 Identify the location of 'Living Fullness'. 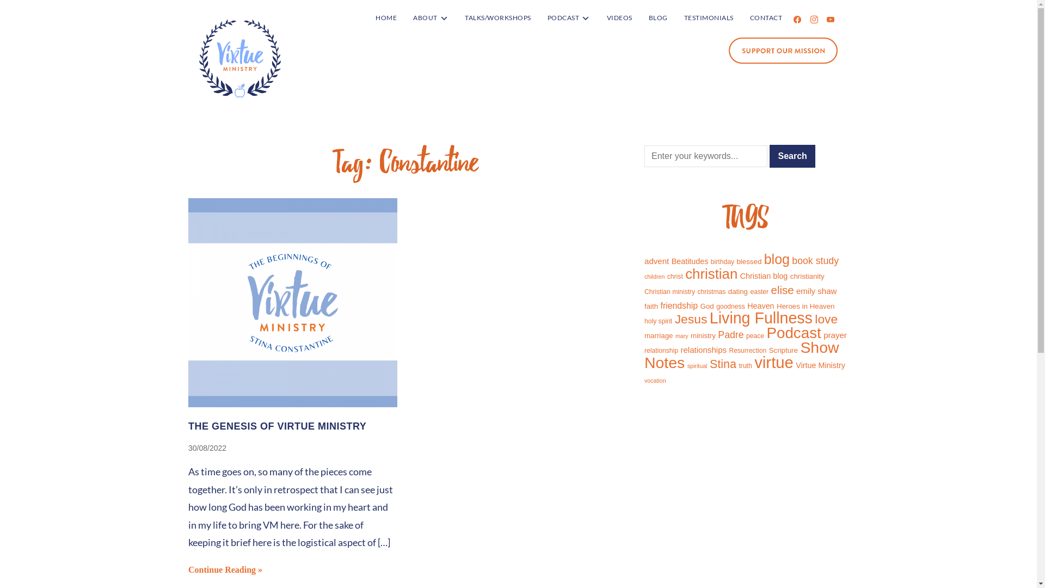
(760, 317).